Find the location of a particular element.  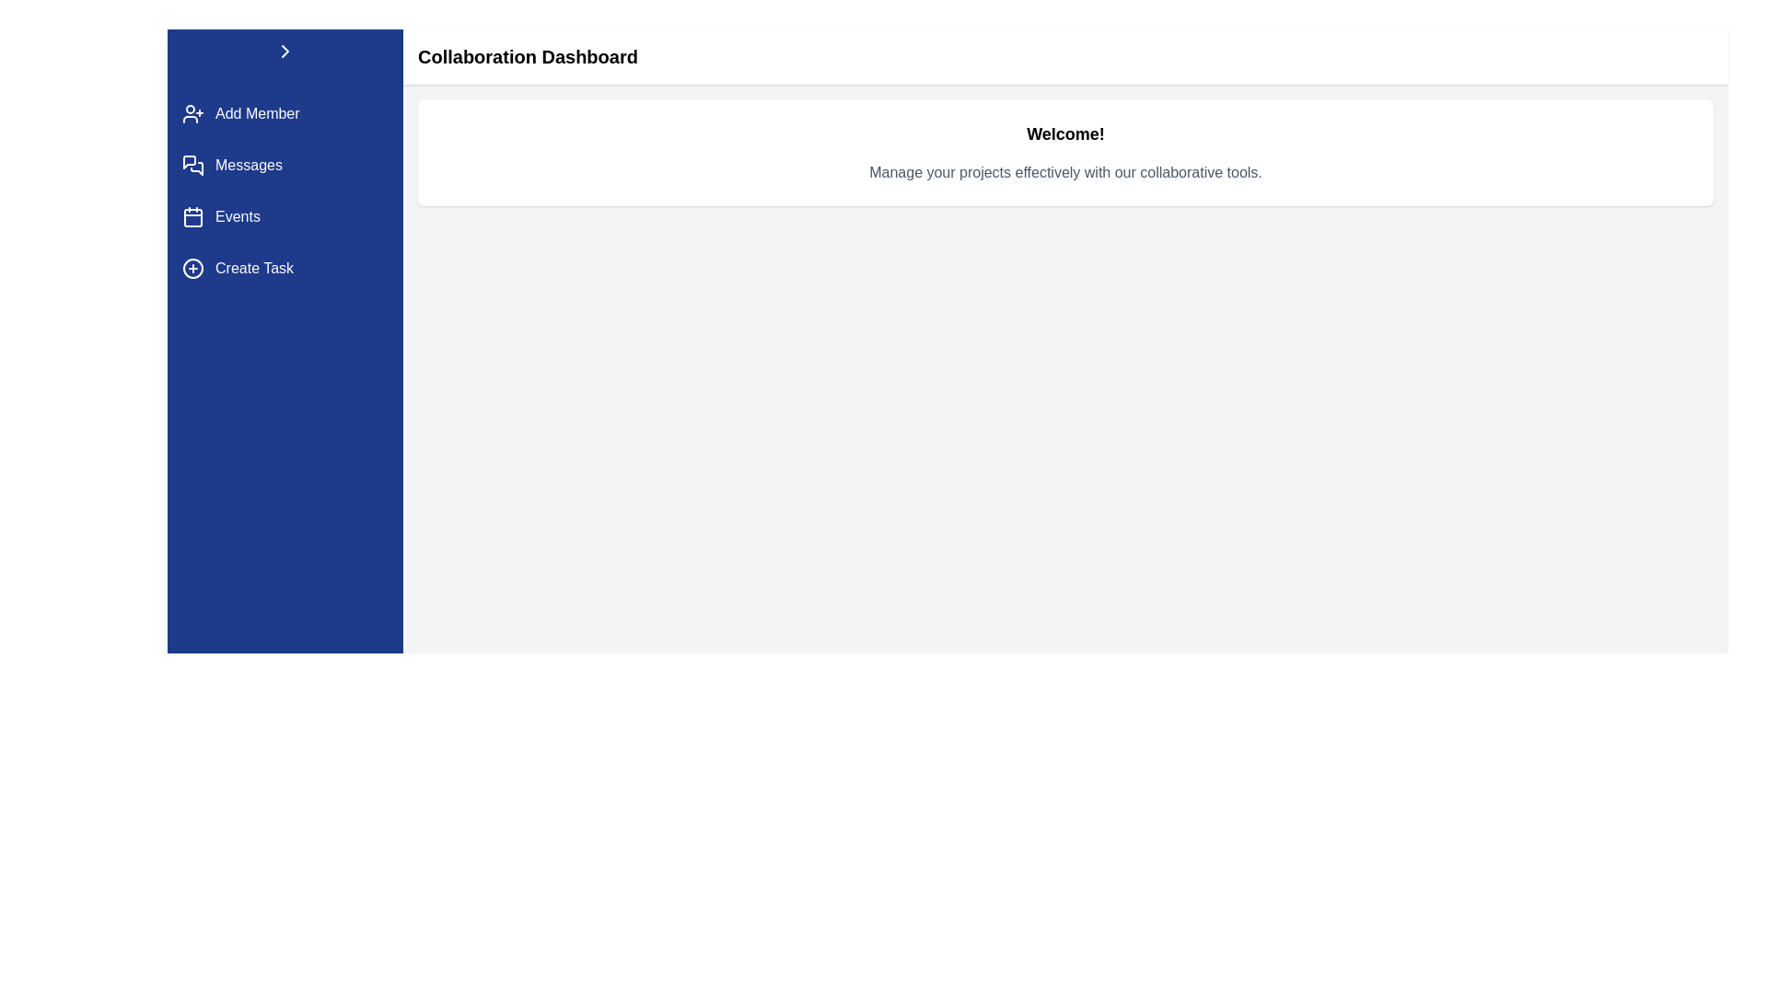

the small right-pointing arrow icon, which is rendered in white on a blue background and located at the top-left part of the vertical blue sidebar is located at coordinates (285, 51).